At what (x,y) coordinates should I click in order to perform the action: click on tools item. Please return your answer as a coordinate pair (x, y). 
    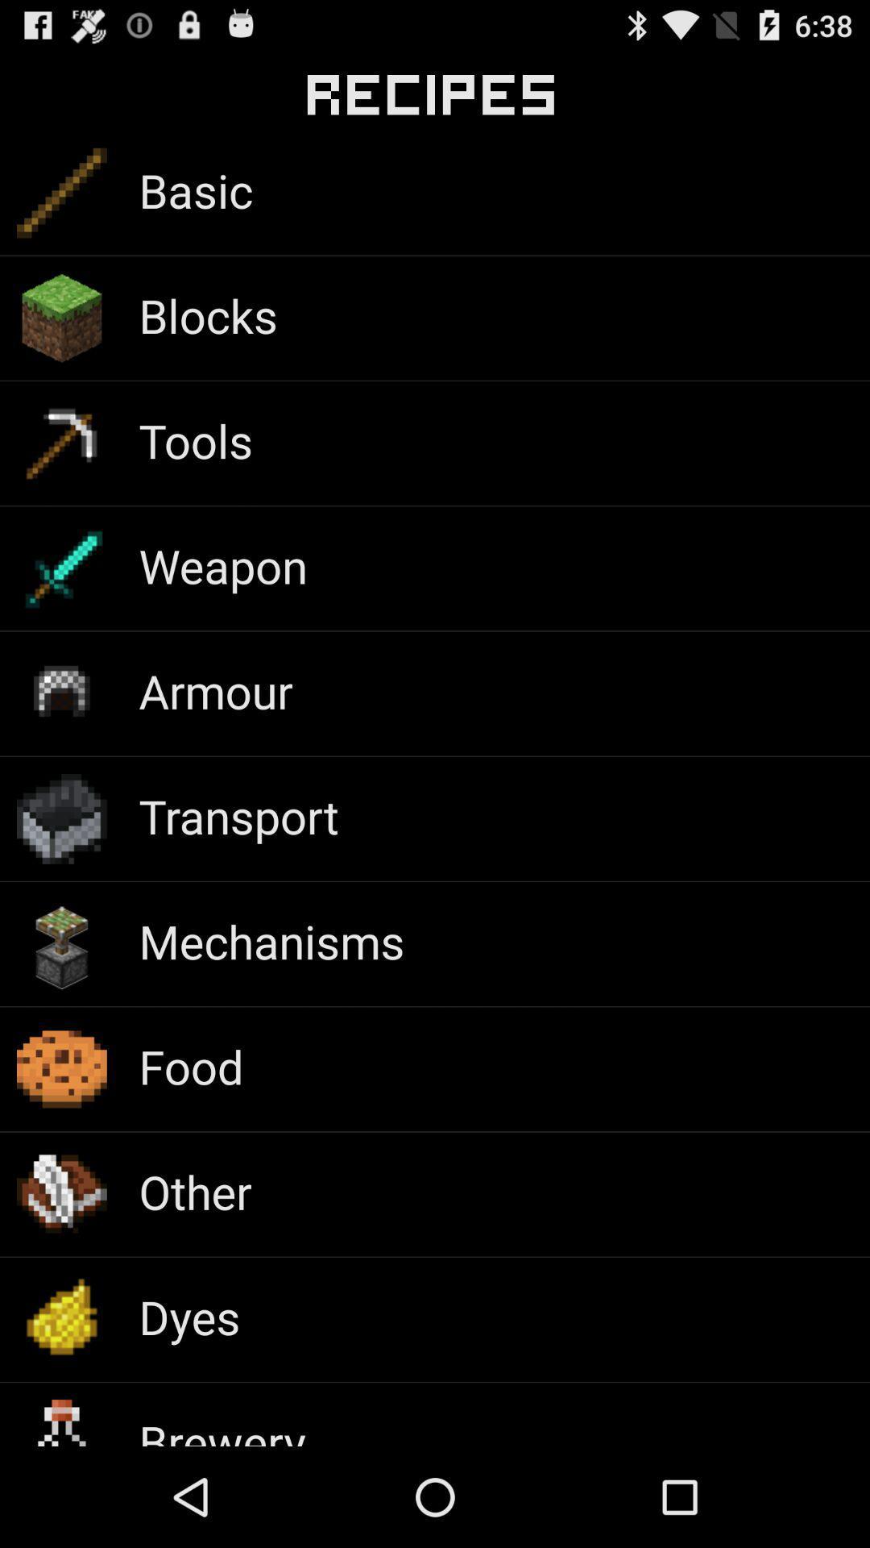
    Looking at the image, I should click on (195, 440).